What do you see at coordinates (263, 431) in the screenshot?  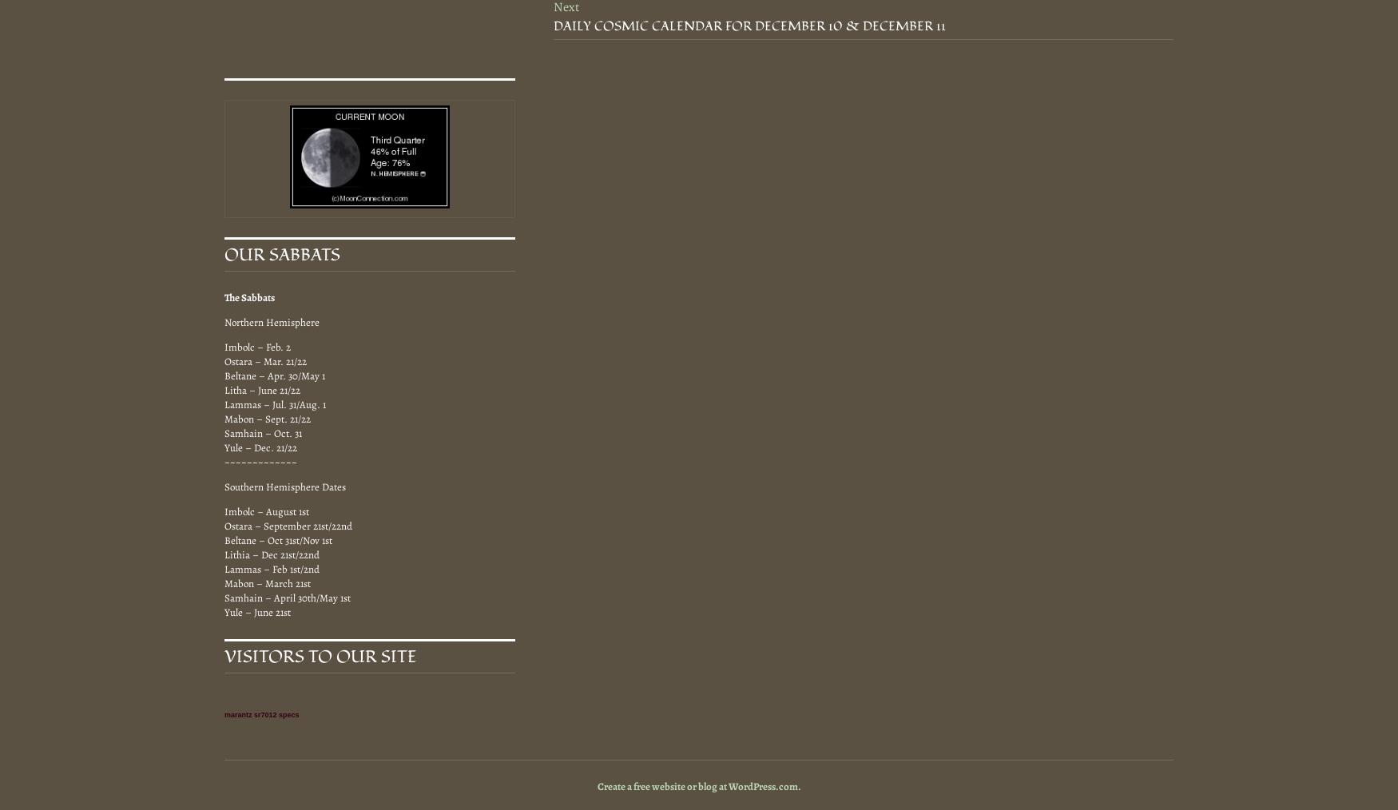 I see `'Samhain – Oct. 31'` at bounding box center [263, 431].